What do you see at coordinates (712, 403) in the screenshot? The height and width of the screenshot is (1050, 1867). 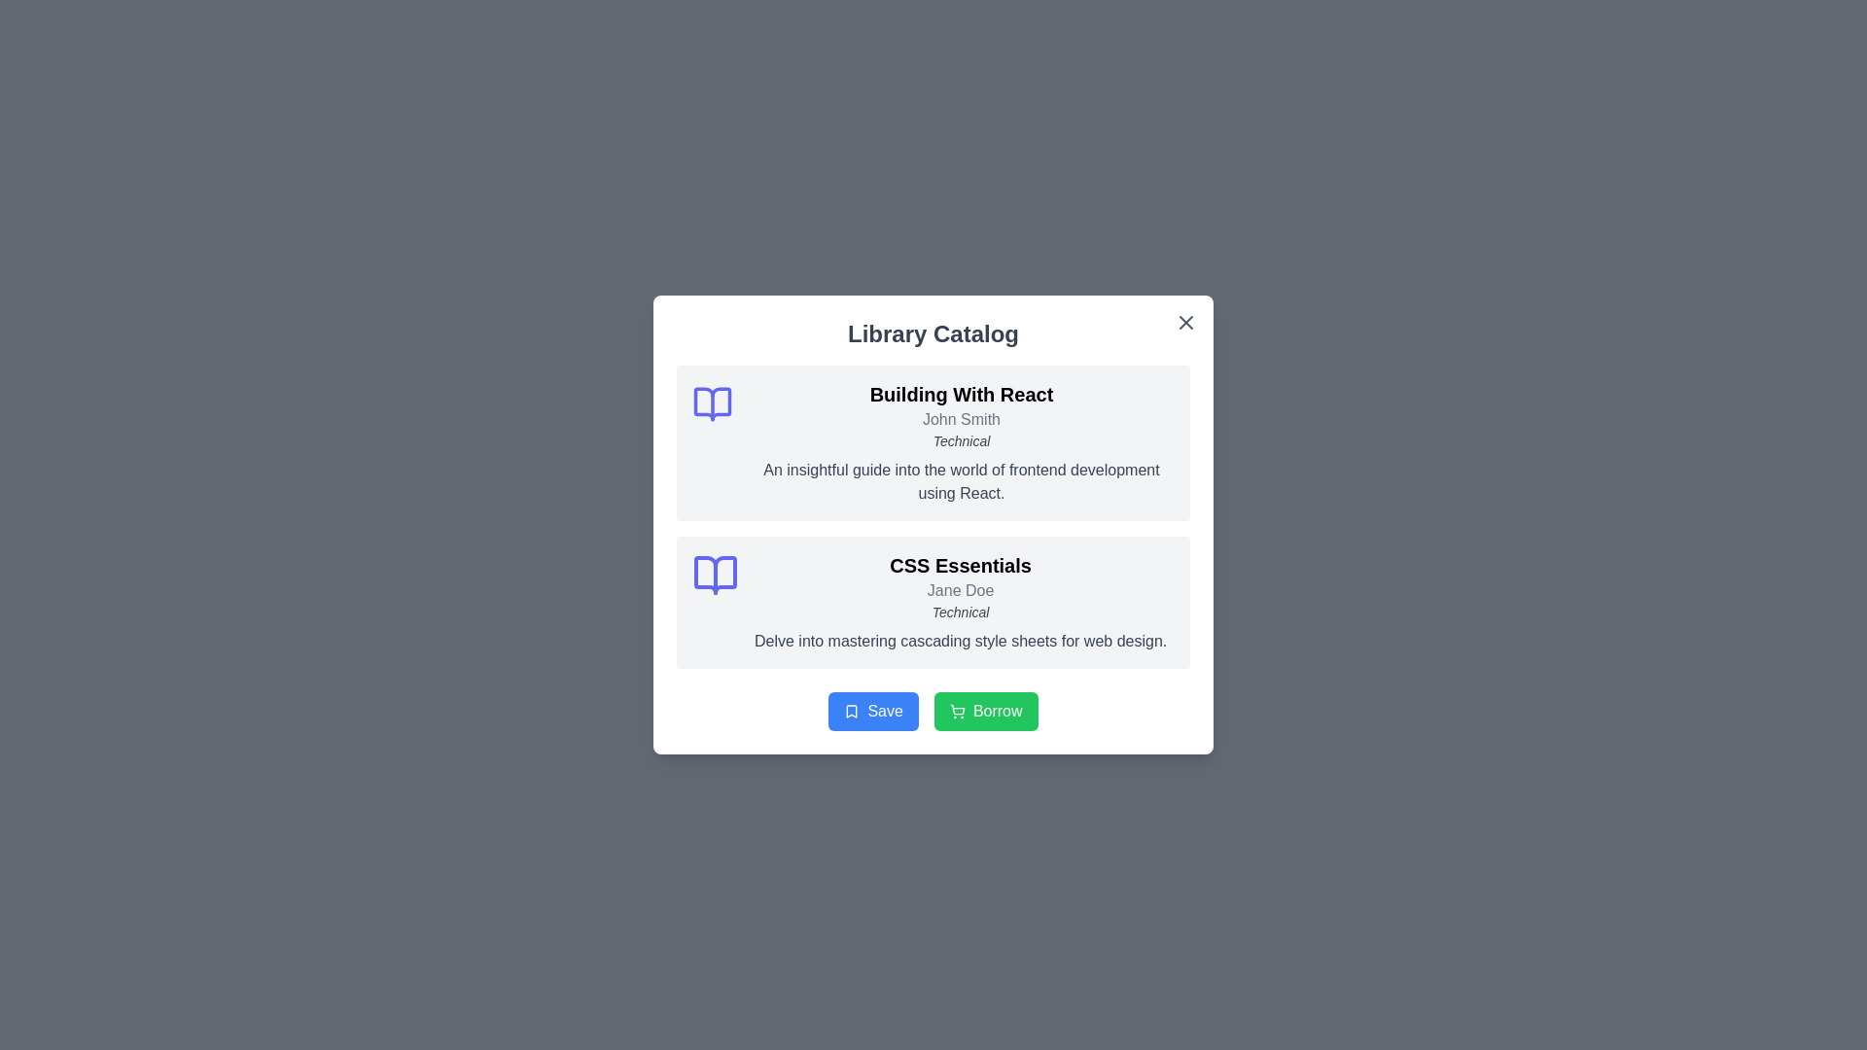 I see `the open book icon with a blue hue located in the top-left corner of the card containing the 'Building With React' title and 'John Smith' subtitle` at bounding box center [712, 403].